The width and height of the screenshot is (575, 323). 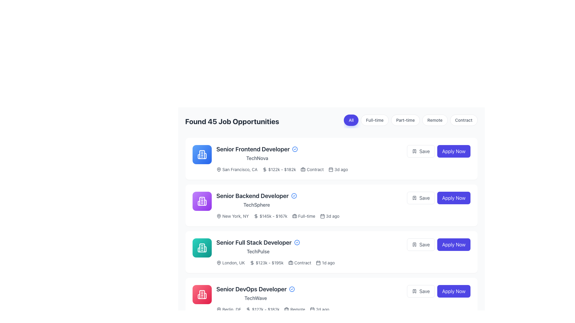 I want to click on the static text element displaying the salary range for a job opportunity, located within the job details list item, positioned beside the job type and posting age, so click(x=279, y=170).